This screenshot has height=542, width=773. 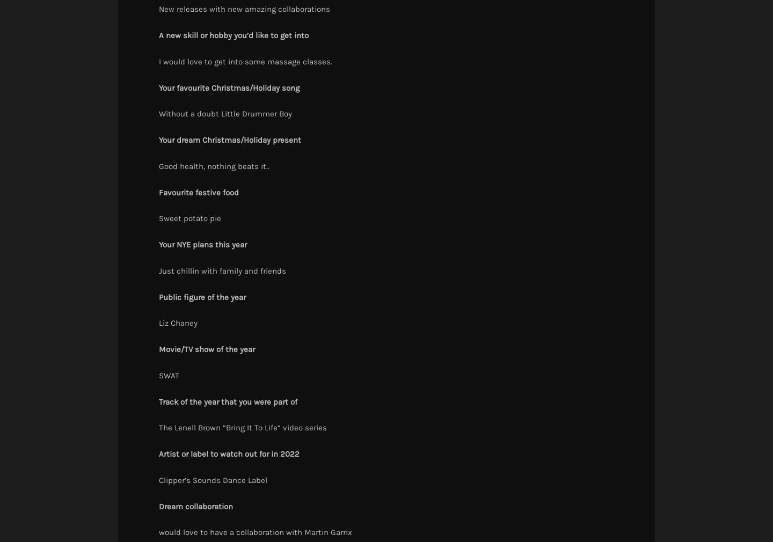 I want to click on 'Liz Chaney', so click(x=178, y=322).